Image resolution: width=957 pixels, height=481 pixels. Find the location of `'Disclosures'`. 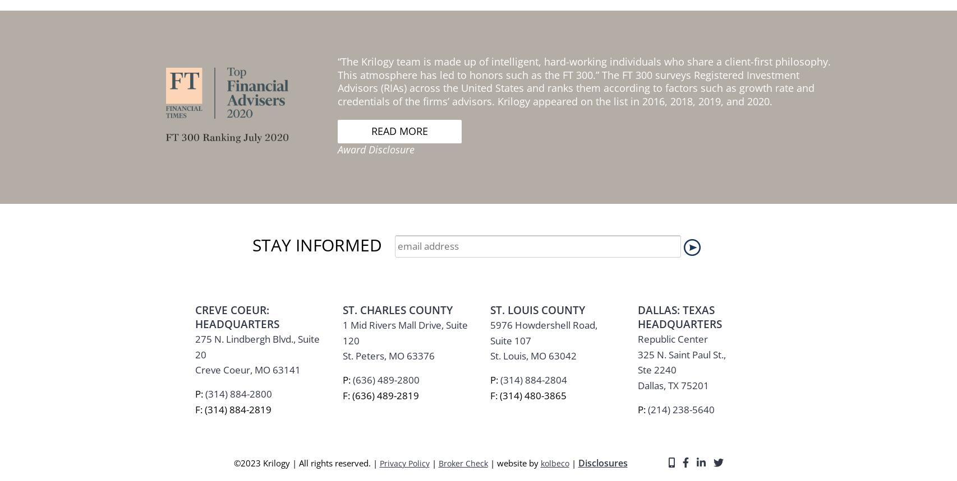

'Disclosures' is located at coordinates (602, 167).